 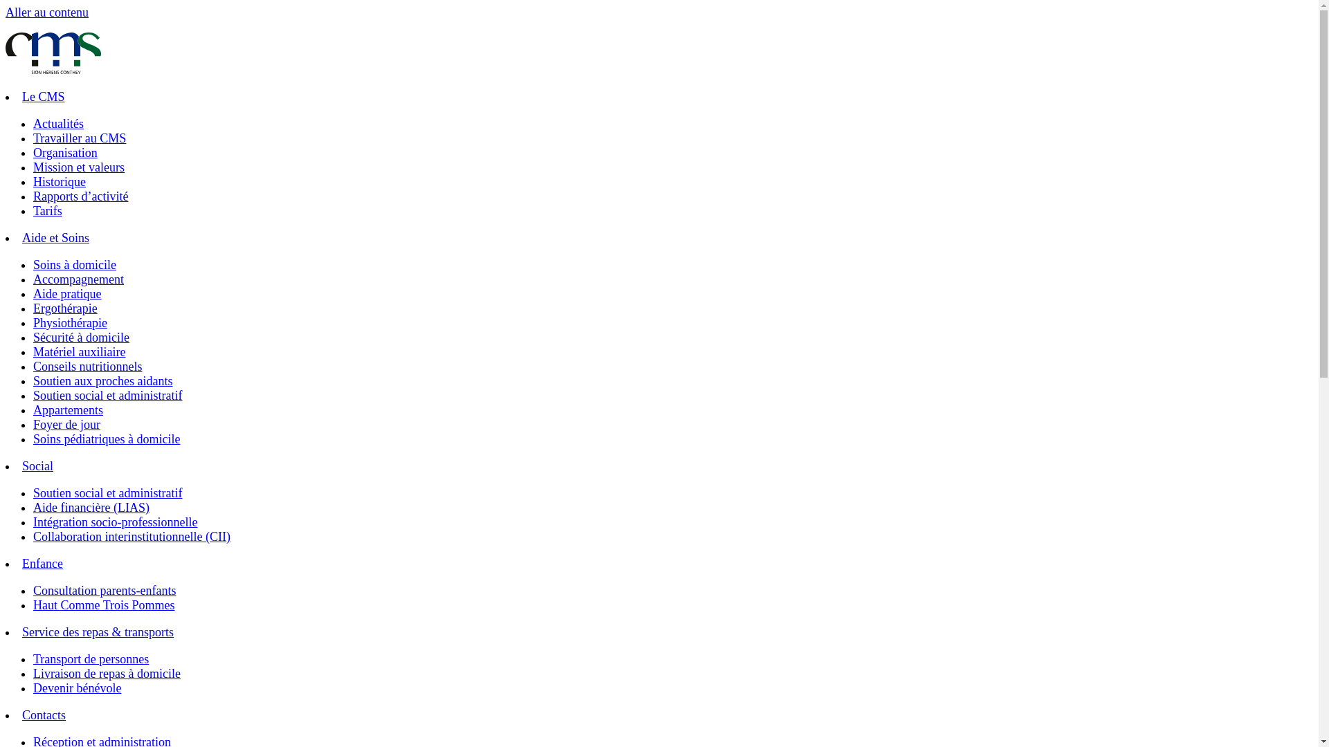 I want to click on 'Consultation parents-enfants', so click(x=103, y=590).